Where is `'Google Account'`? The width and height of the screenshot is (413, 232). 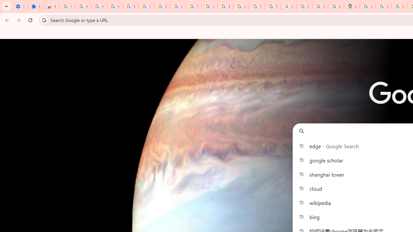 'Google Account' is located at coordinates (178, 6).